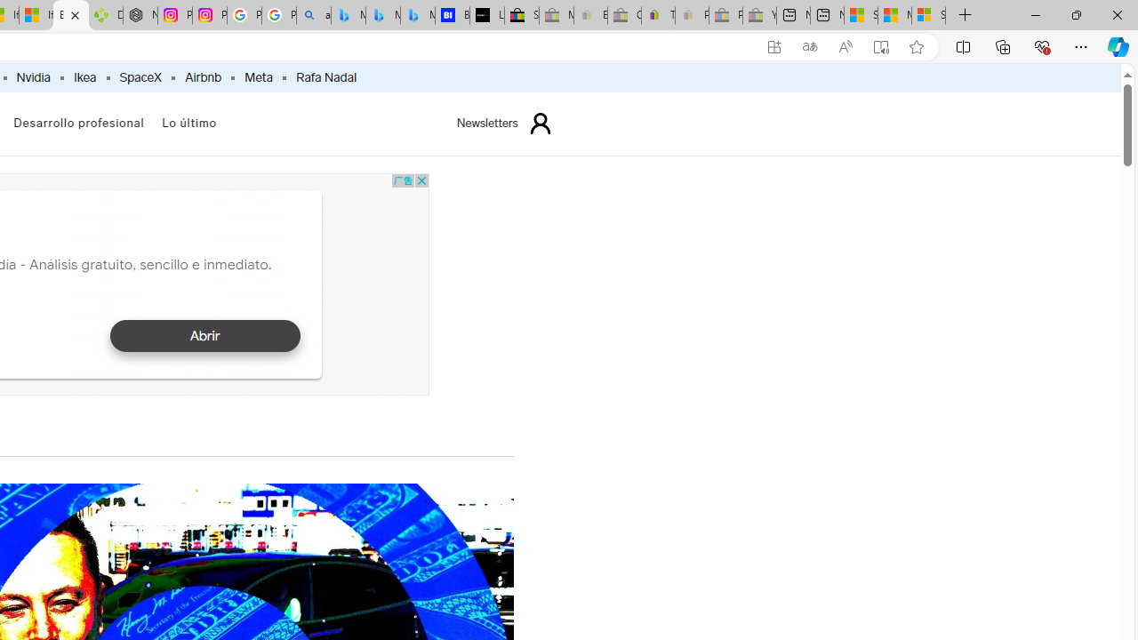 The image size is (1138, 640). I want to click on 'Yard, Garden & Outdoor Living - Sleeping', so click(759, 15).